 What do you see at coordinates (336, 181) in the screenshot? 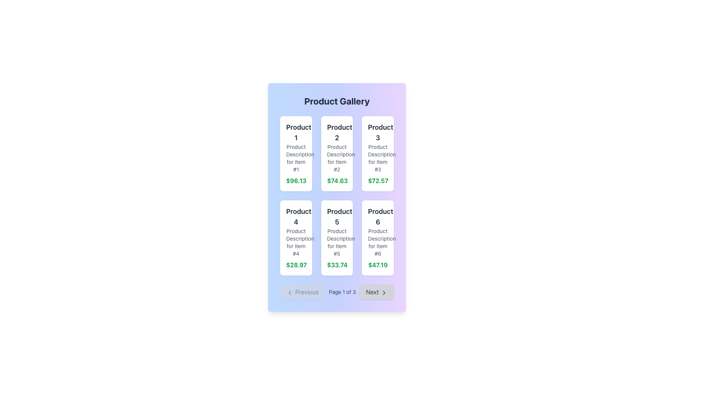
I see `the price label of 'Product 2' located at the bottom of the product description in the second column of the product grid` at bounding box center [336, 181].